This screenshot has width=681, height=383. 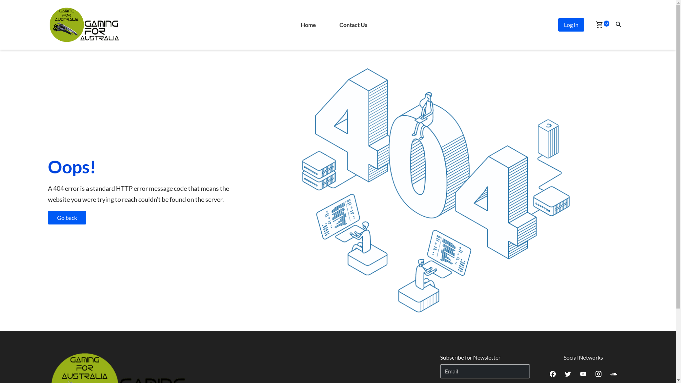 I want to click on 'Log in', so click(x=558, y=24).